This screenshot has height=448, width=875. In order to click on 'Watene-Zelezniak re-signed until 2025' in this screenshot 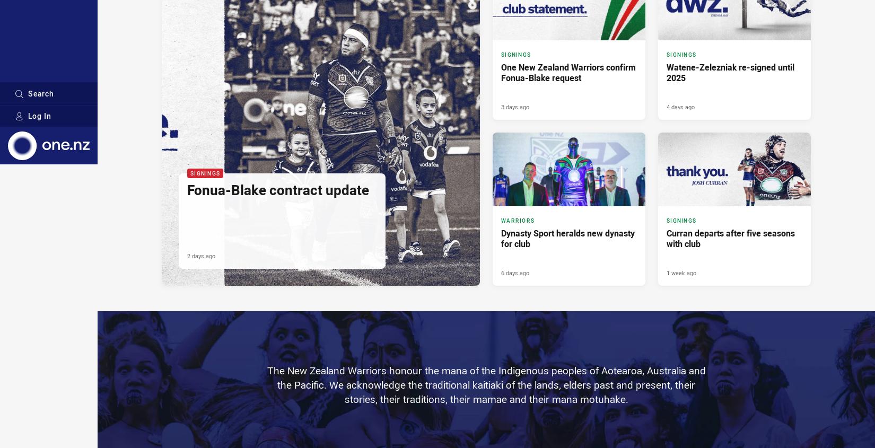, I will do `click(730, 72)`.